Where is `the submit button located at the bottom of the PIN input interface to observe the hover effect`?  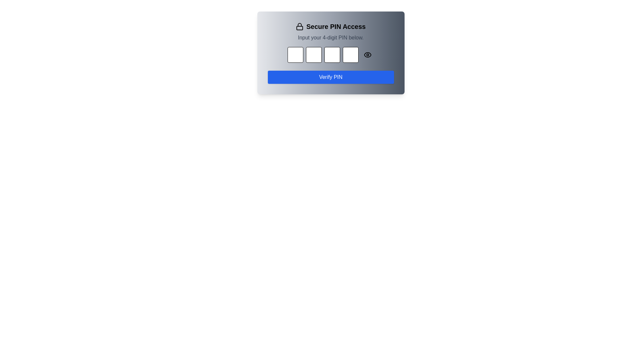 the submit button located at the bottom of the PIN input interface to observe the hover effect is located at coordinates (331, 77).